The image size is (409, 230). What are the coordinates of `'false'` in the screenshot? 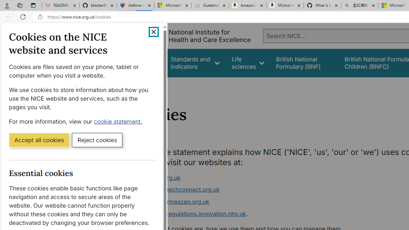 It's located at (304, 63).